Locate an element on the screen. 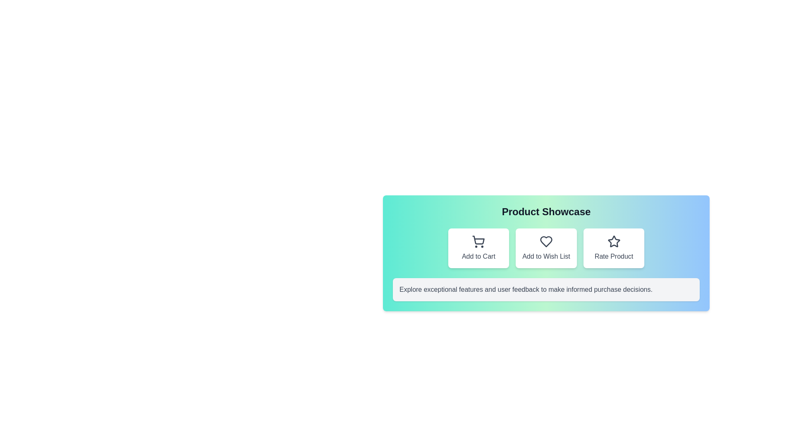  the button labeled 'Add to Wish List' in the 'Product Showcase' section, which has a gradient background and contains multiple buttons is located at coordinates (546, 253).